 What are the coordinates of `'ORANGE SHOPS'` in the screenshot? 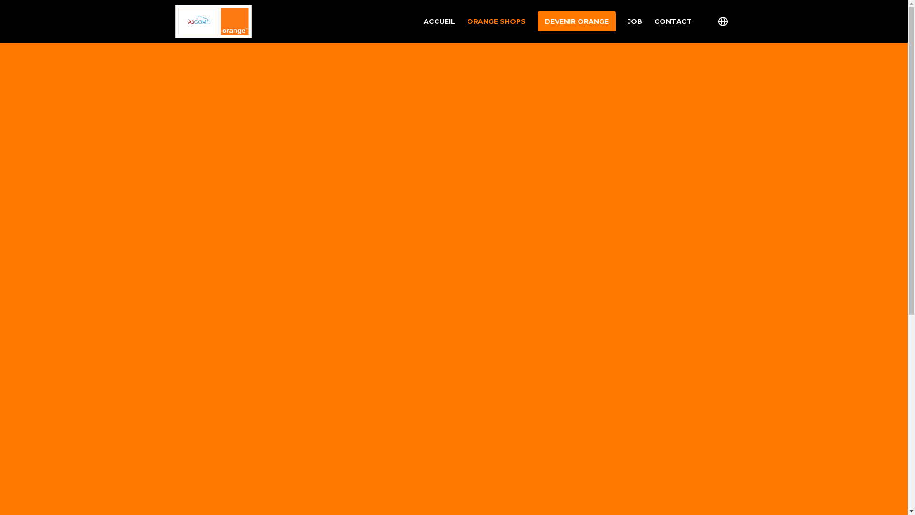 It's located at (490, 21).